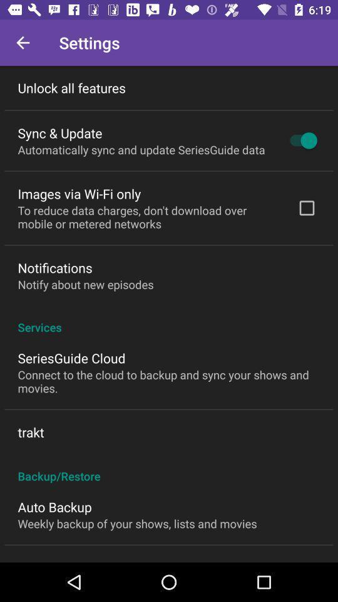  I want to click on icon to the right of automatically sync and, so click(300, 140).